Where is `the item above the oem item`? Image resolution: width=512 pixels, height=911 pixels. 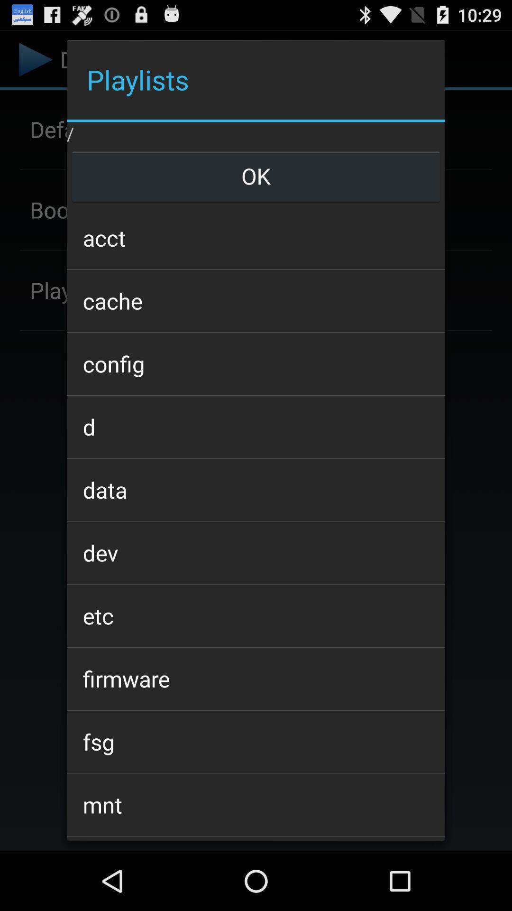
the item above the oem item is located at coordinates (256, 804).